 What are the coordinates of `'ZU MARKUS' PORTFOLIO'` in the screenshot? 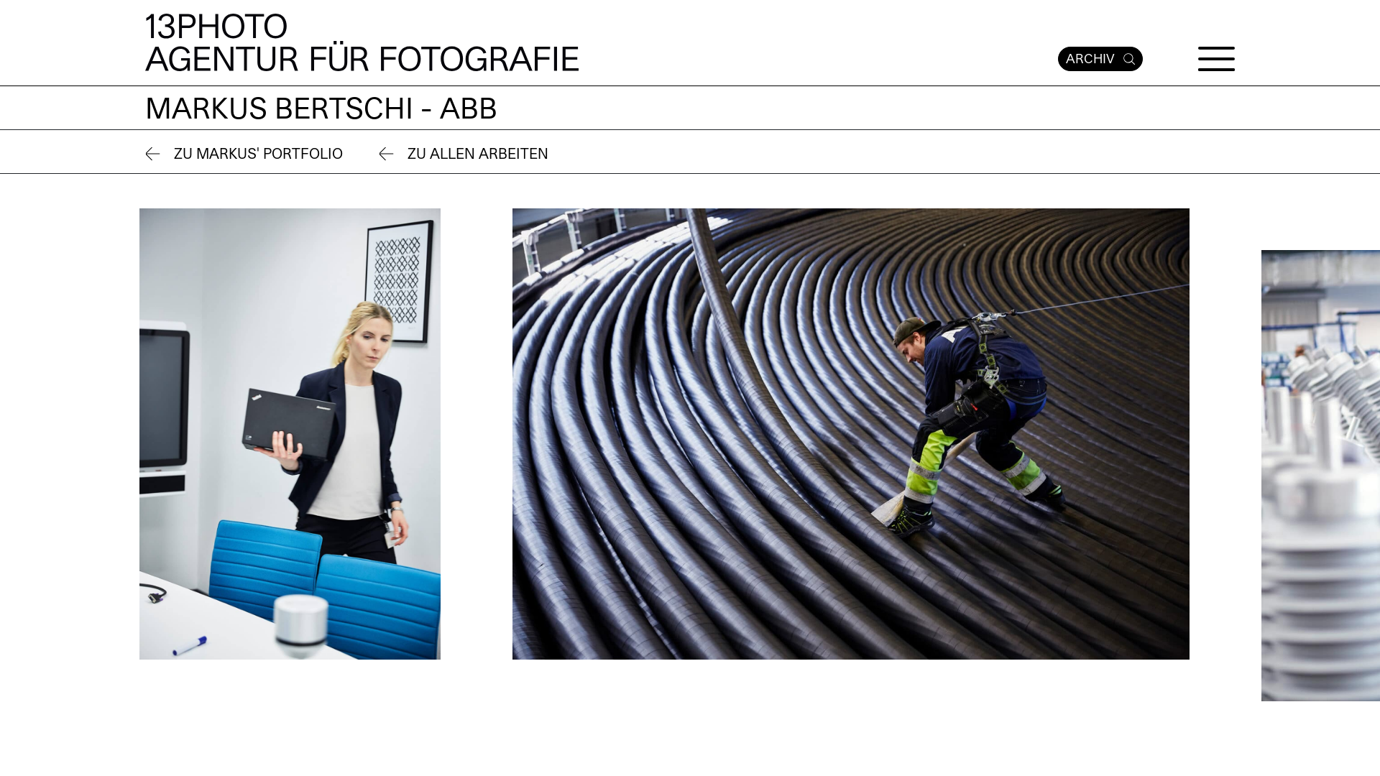 It's located at (144, 154).